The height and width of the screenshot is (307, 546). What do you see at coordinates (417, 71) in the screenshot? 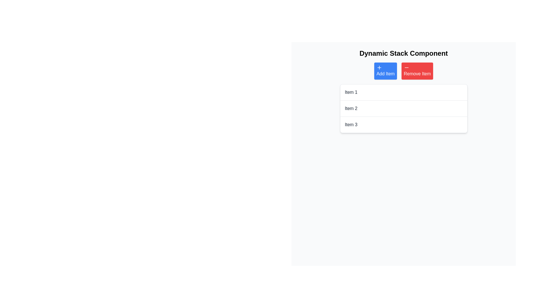
I see `the red 'Remove Item' button, which features a white minus icon and is located to the right of the blue 'Add Item' button` at bounding box center [417, 71].